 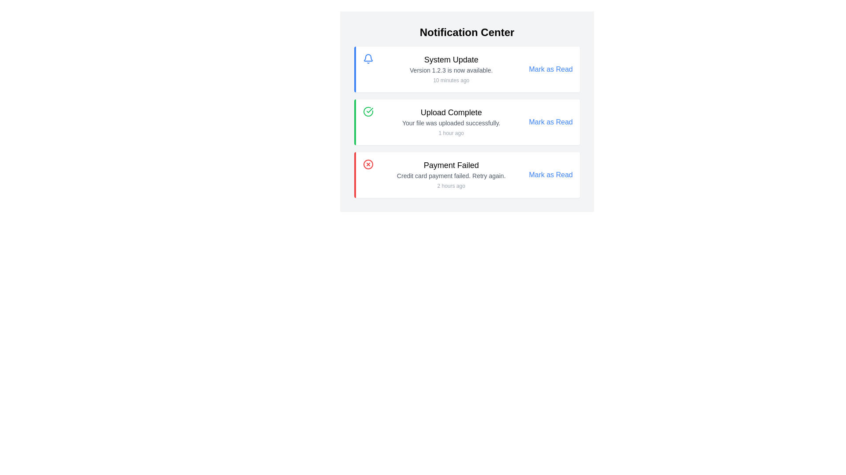 What do you see at coordinates (451, 122) in the screenshot?
I see `the Notification Text Block that contains the title 'Upload Complete', the description 'Your file was uploaded successfully.', and the timestamp '1 hour ago'` at bounding box center [451, 122].